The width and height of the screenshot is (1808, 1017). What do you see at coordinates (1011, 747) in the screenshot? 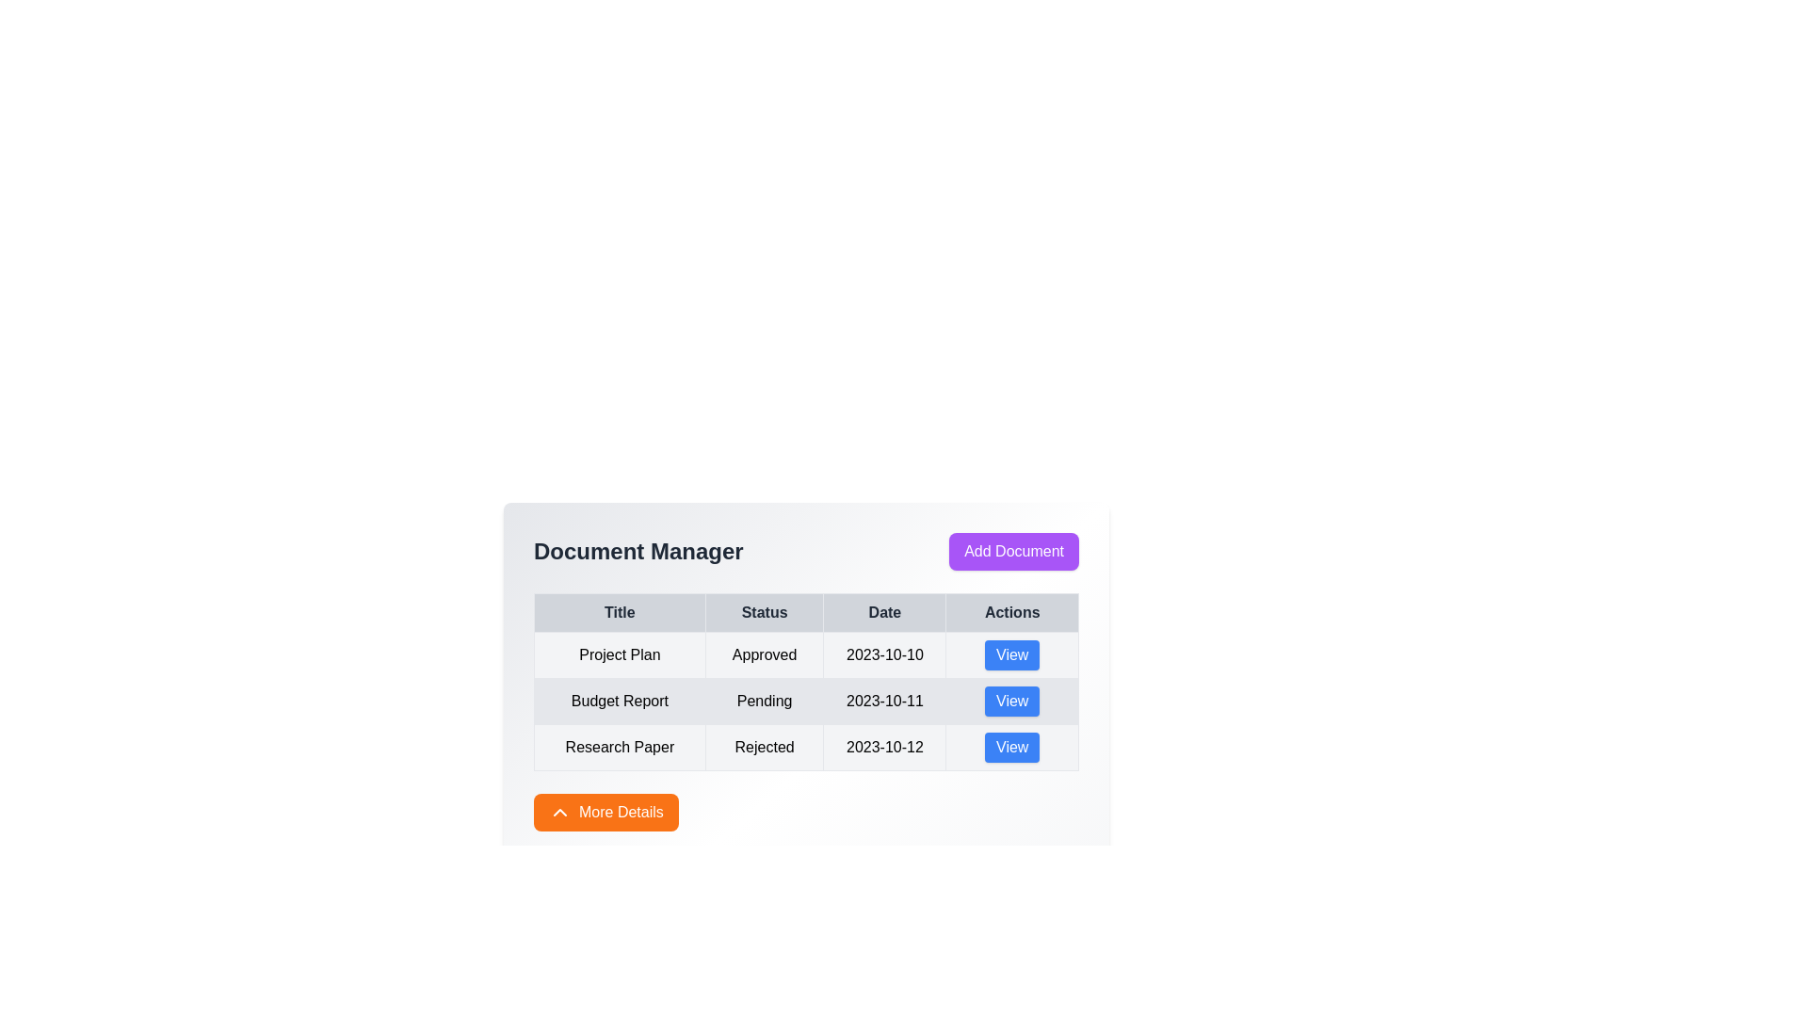
I see `the 'View' button in the 'Actions' column for the 'Research Paper' entry` at bounding box center [1011, 747].